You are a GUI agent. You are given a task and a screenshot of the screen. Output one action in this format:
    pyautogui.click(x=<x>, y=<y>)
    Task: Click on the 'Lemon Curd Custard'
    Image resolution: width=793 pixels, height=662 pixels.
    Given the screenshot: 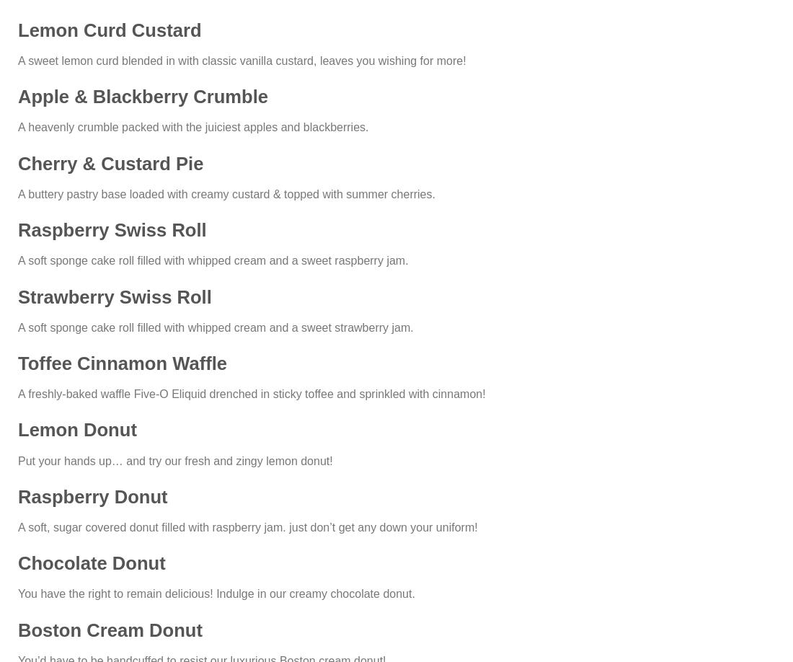 What is the action you would take?
    pyautogui.click(x=109, y=30)
    